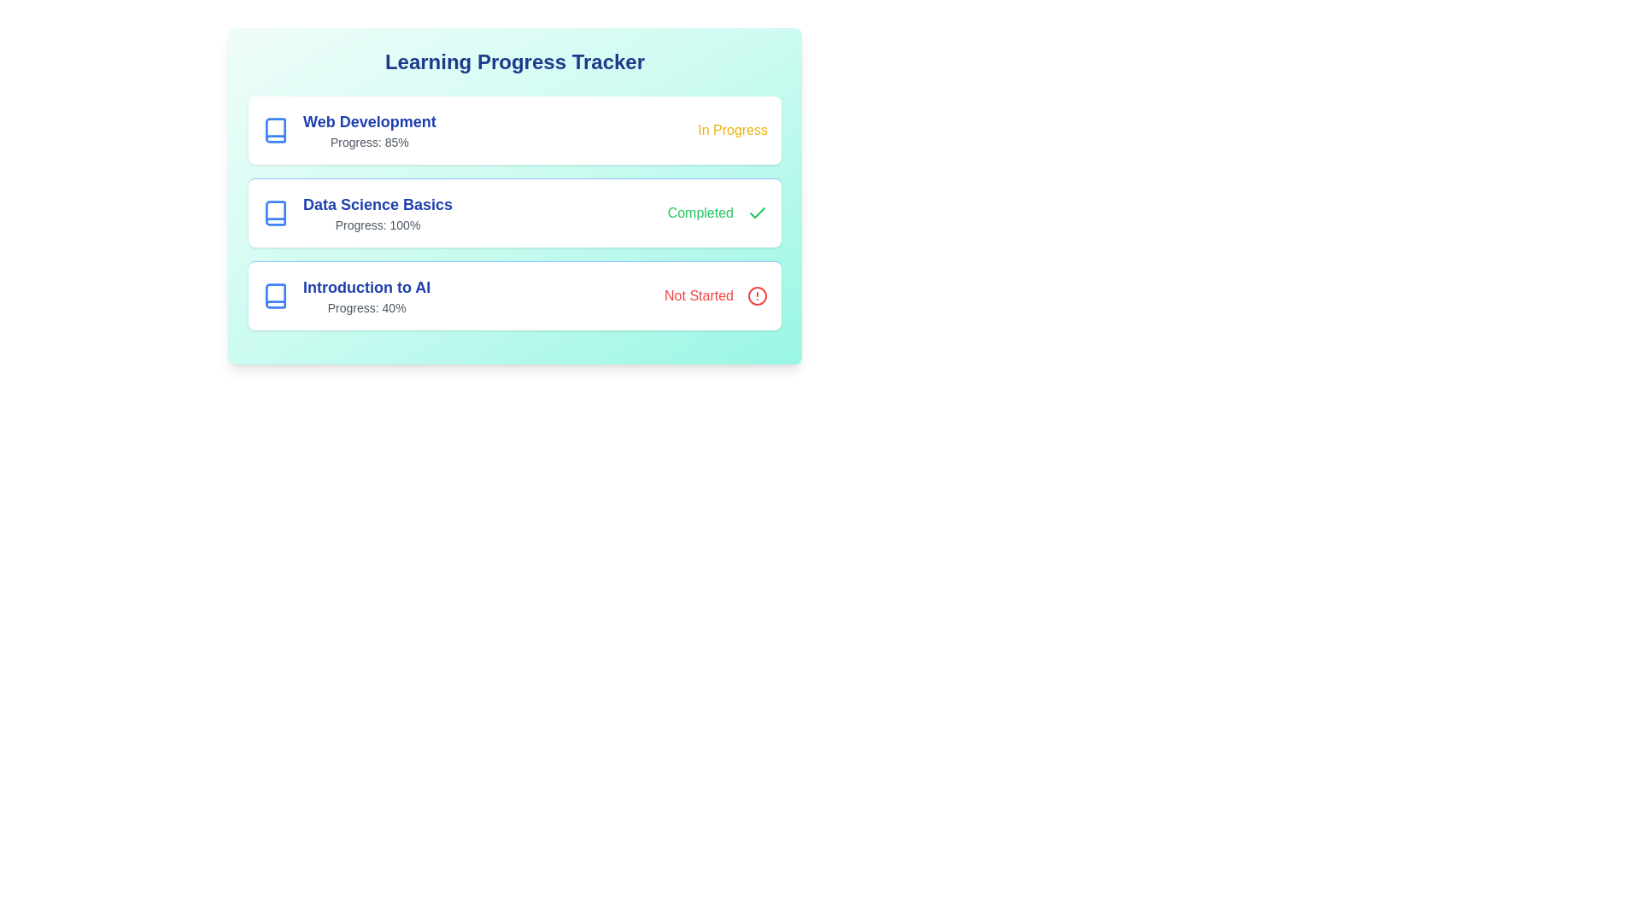 This screenshot has width=1640, height=922. Describe the element at coordinates (356, 213) in the screenshot. I see `the course title Data Science Basics to access its specific actions` at that location.